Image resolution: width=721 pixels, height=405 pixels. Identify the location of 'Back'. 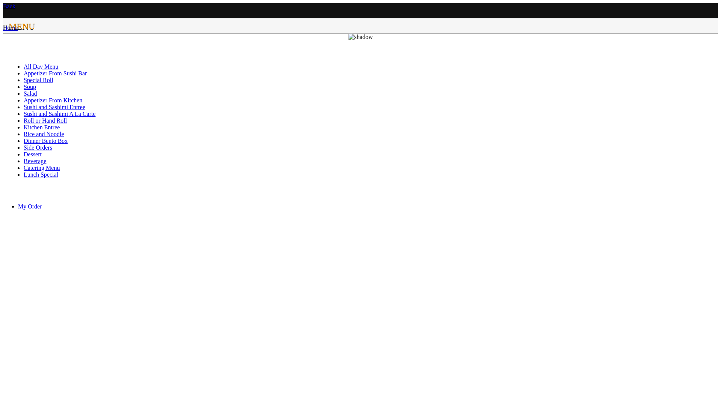
(9, 6).